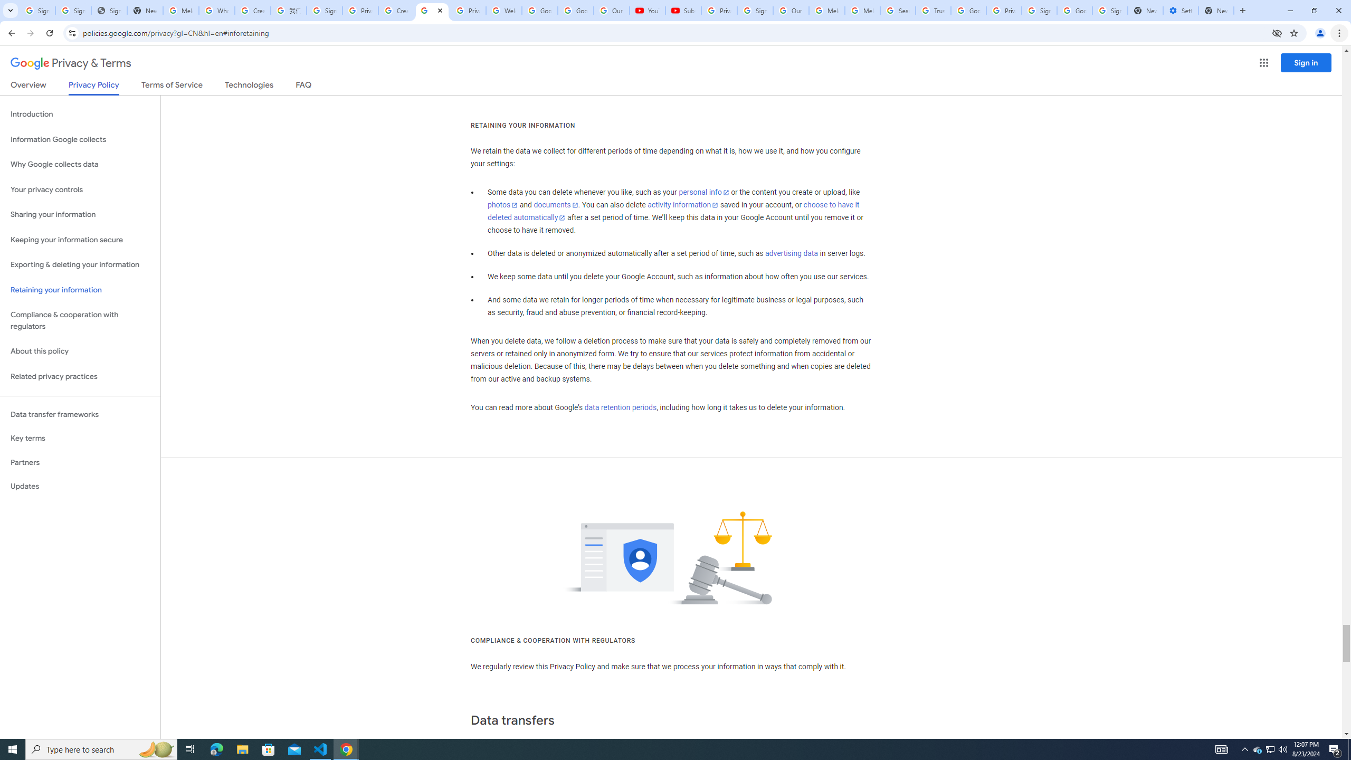  What do you see at coordinates (80, 376) in the screenshot?
I see `'Related privacy practices'` at bounding box center [80, 376].